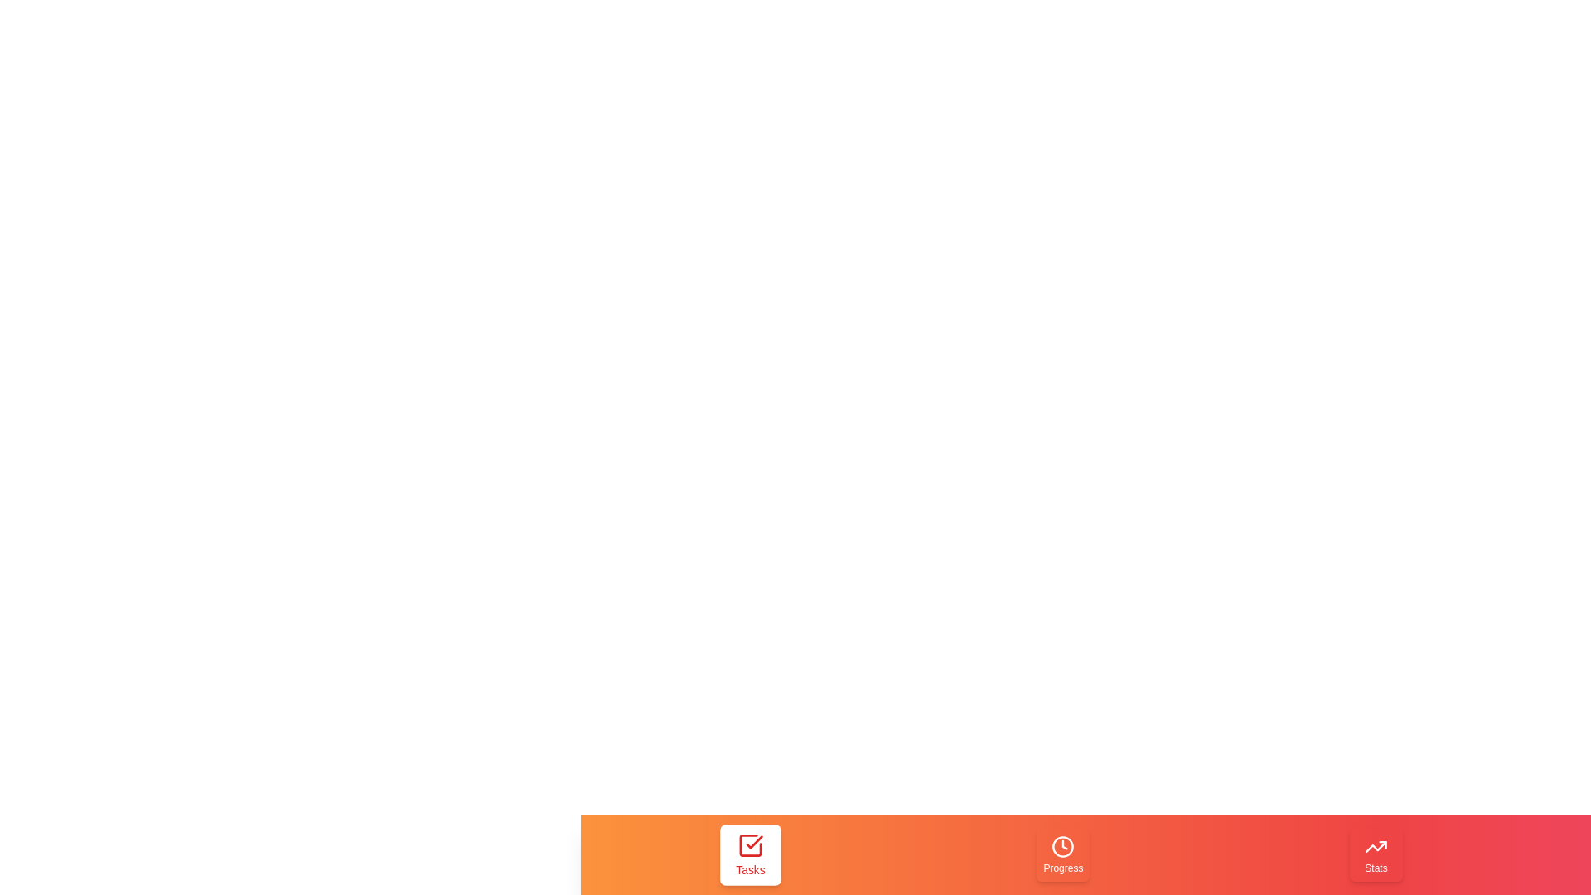  What do you see at coordinates (1063, 855) in the screenshot?
I see `the tab labeled 'Progress' to trigger its hover effect` at bounding box center [1063, 855].